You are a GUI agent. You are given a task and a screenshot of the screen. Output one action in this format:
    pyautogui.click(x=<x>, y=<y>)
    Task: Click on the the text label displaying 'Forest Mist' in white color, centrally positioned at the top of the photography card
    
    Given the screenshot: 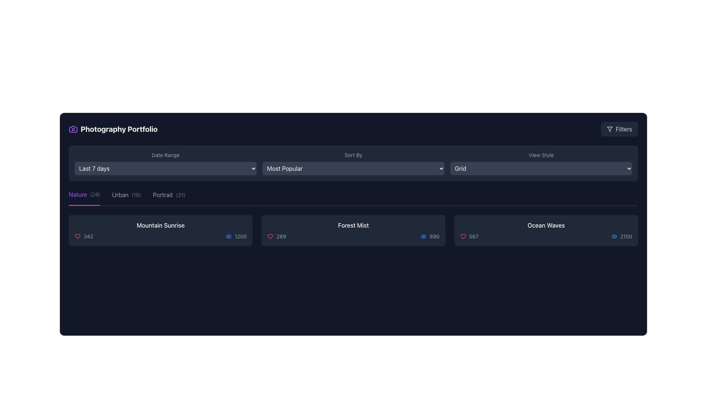 What is the action you would take?
    pyautogui.click(x=353, y=225)
    